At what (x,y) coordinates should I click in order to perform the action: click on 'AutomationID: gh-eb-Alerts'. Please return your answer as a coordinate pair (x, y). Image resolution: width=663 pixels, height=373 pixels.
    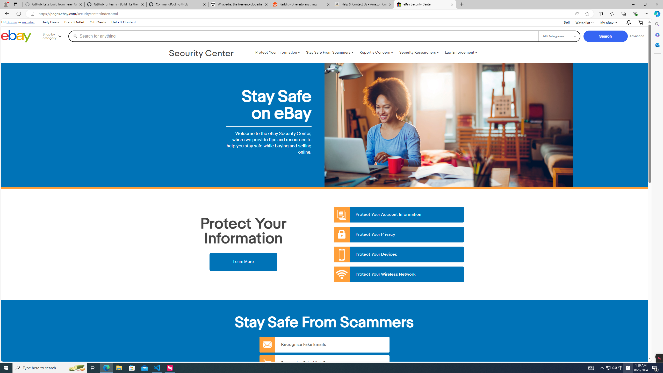
    Looking at the image, I should click on (628, 23).